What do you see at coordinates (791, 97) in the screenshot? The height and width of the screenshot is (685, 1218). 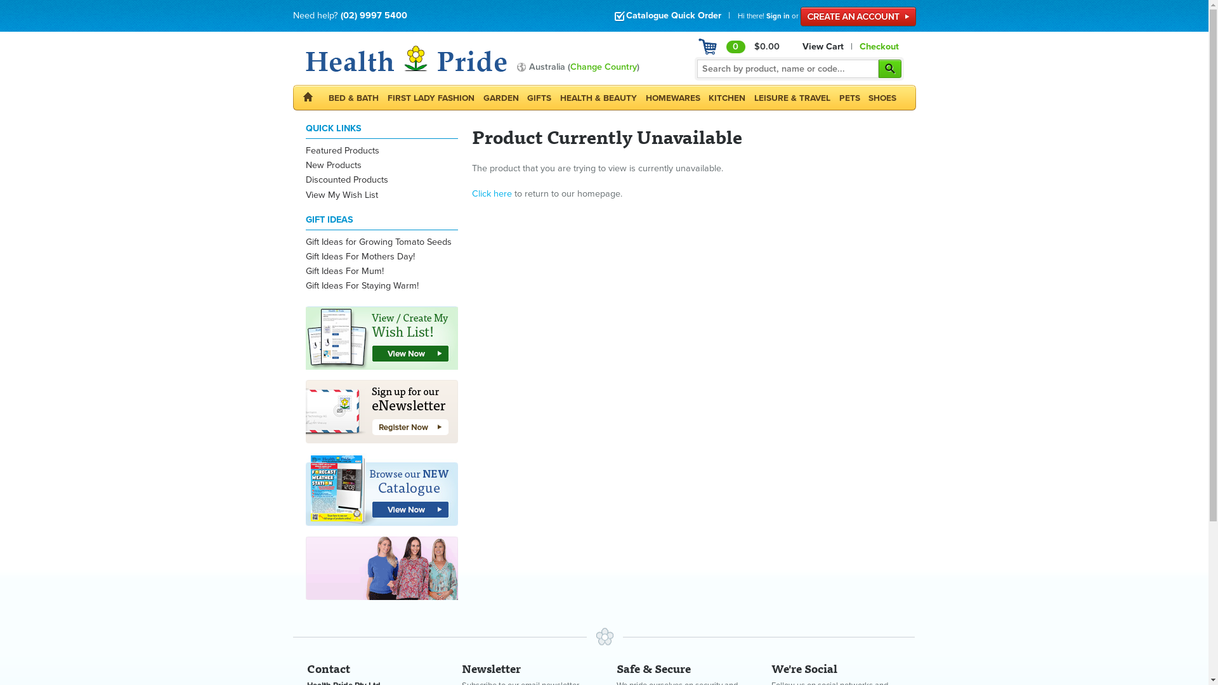 I see `'LEISURE & TRAVEL'` at bounding box center [791, 97].